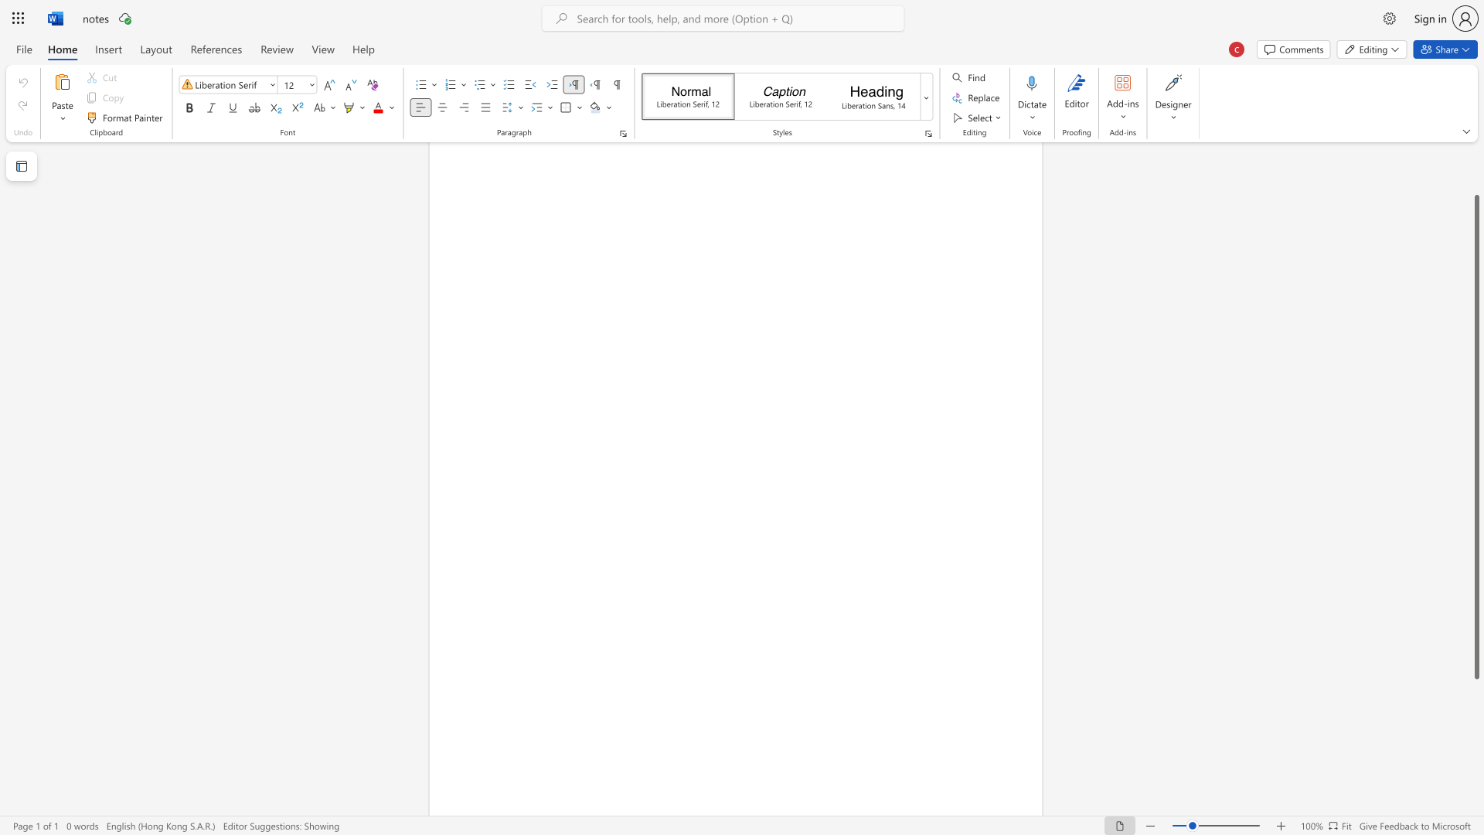 The width and height of the screenshot is (1484, 835). What do you see at coordinates (1475, 437) in the screenshot?
I see `the scrollbar and move down 80 pixels` at bounding box center [1475, 437].